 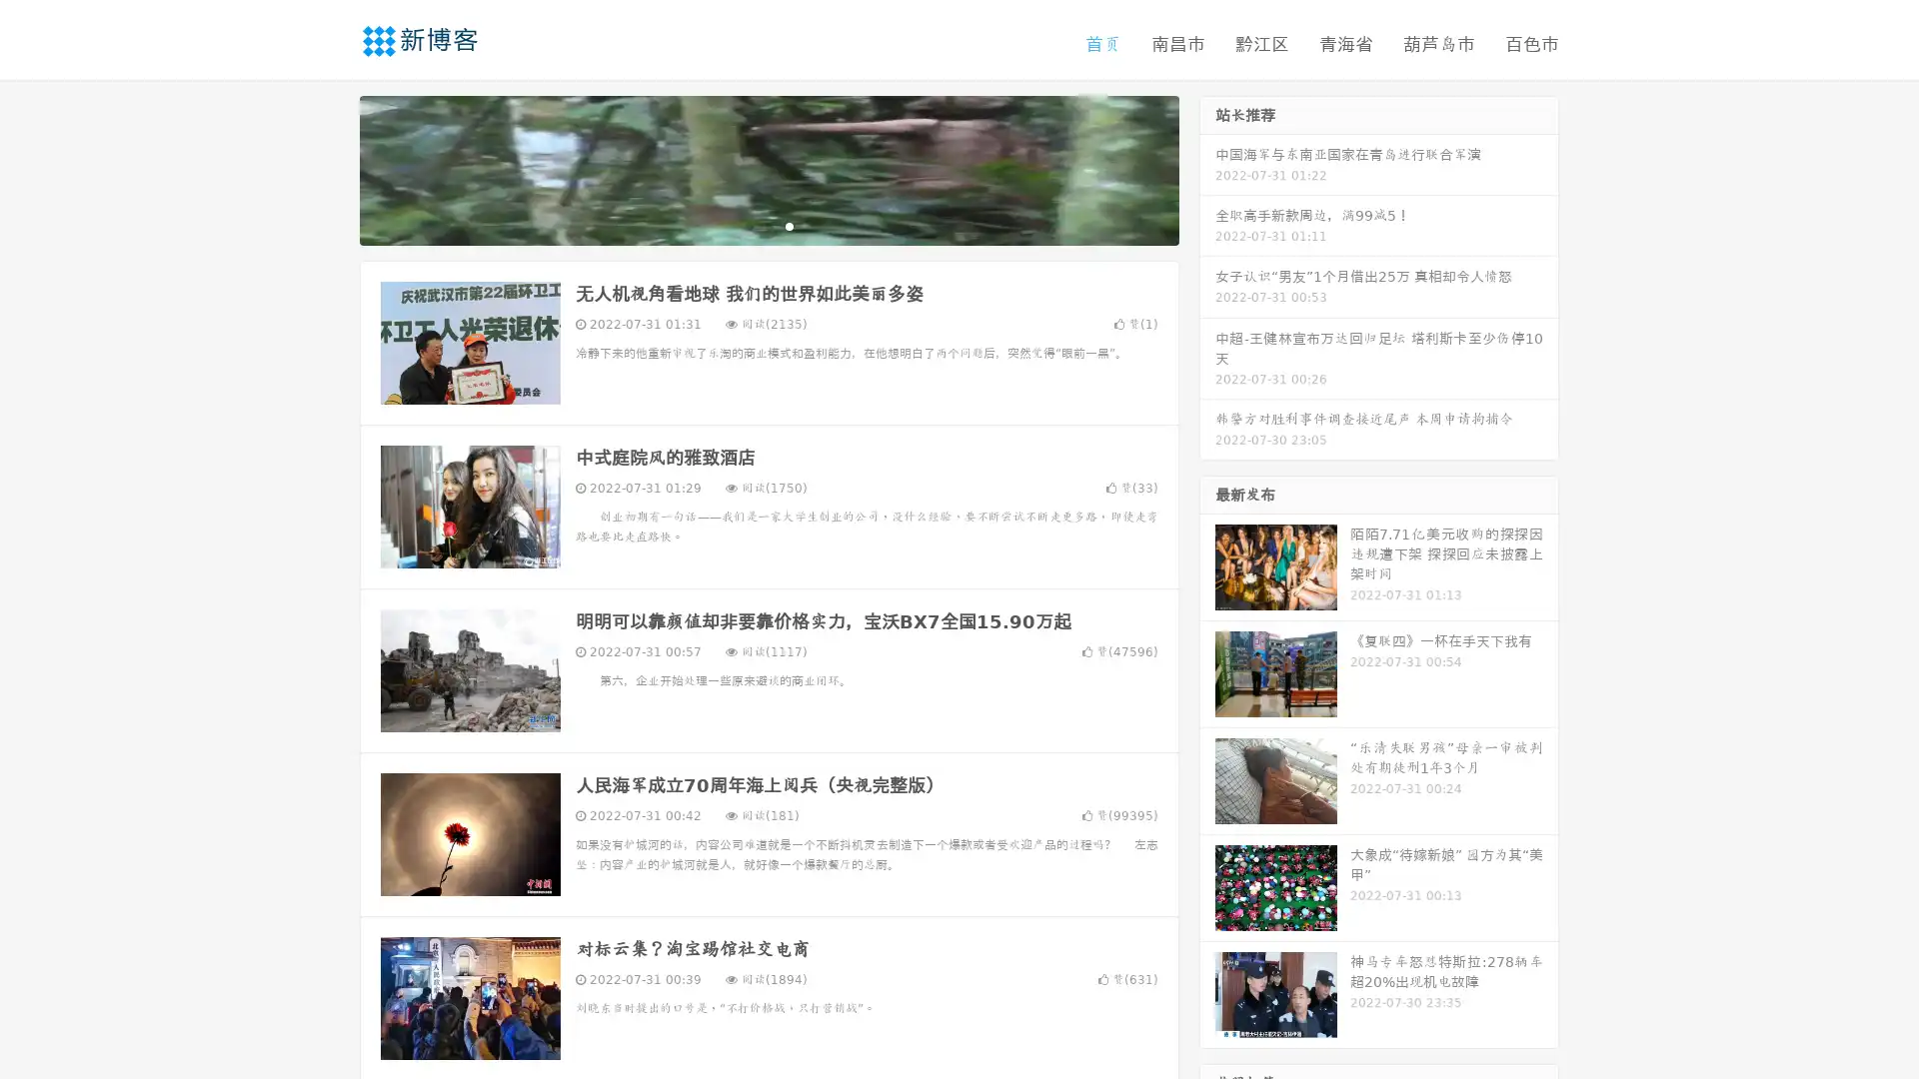 I want to click on Go to slide 2, so click(x=768, y=225).